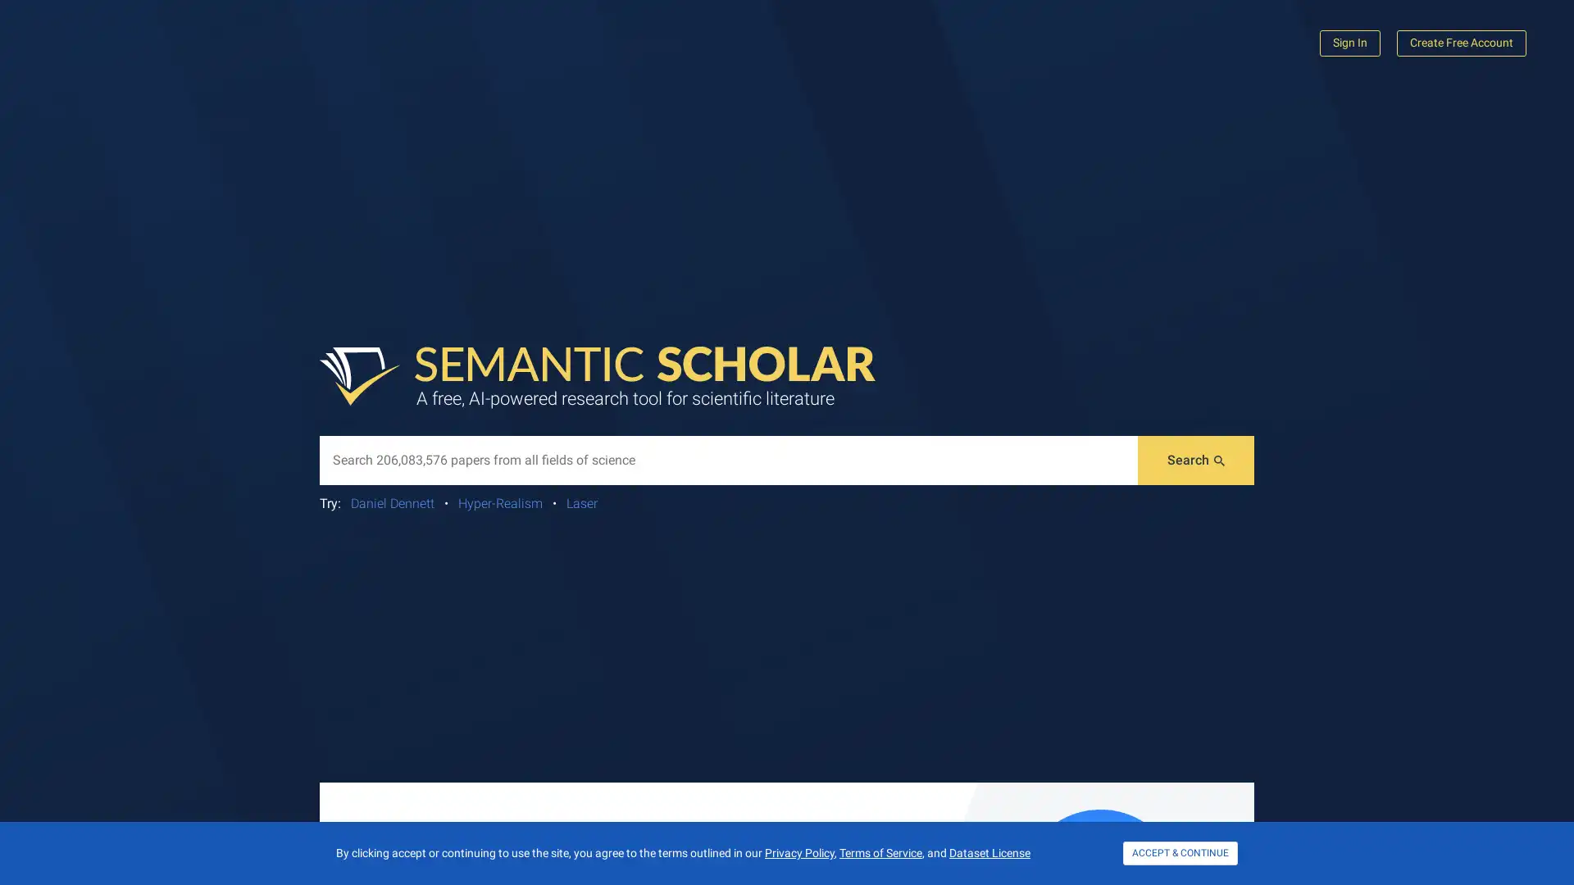  I want to click on Create Free Account, so click(1461, 42).